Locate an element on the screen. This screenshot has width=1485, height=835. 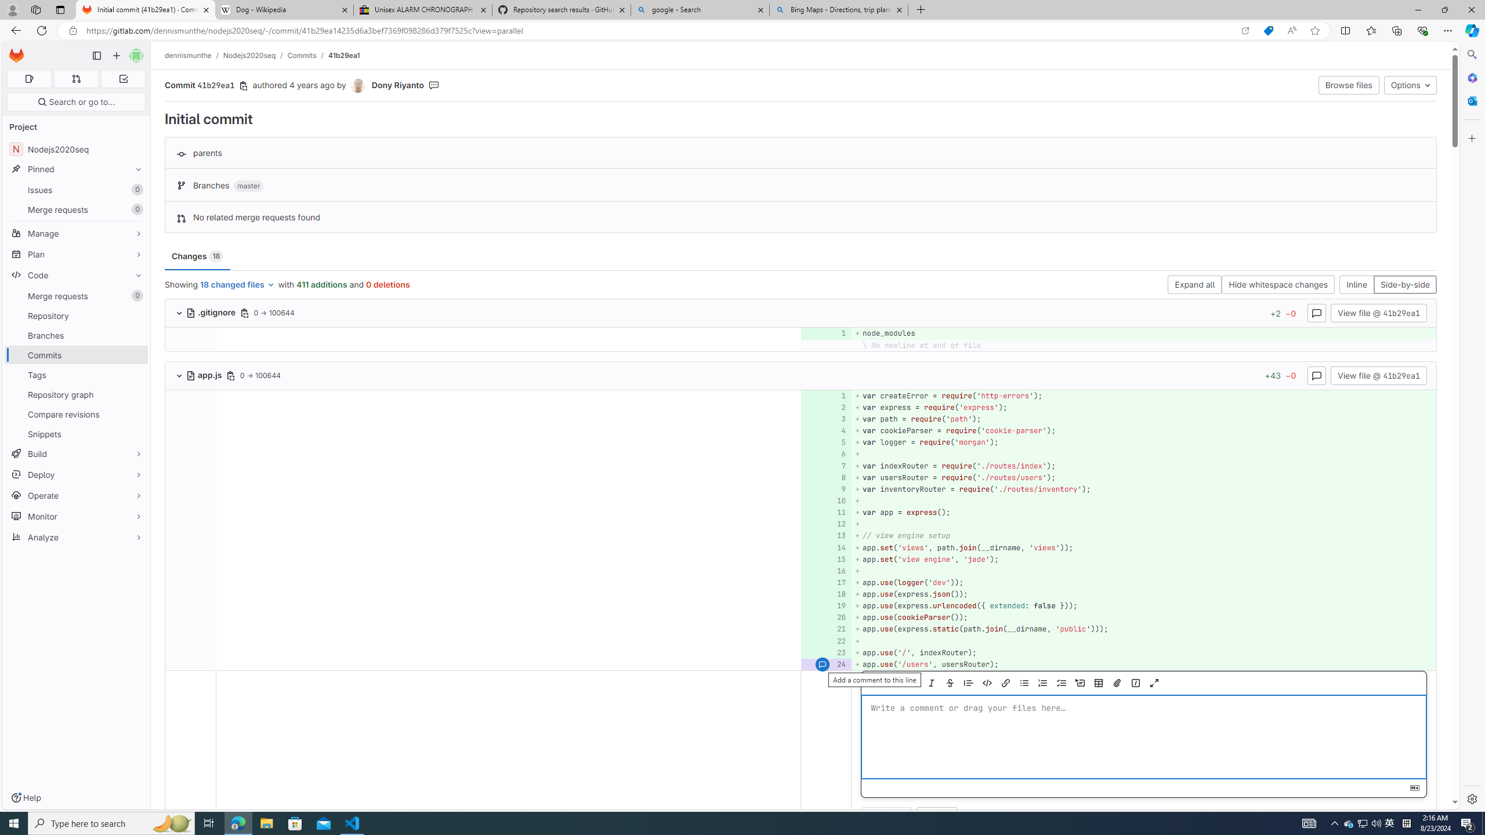
'Add a comment to this line 8' is located at coordinates (825, 477).